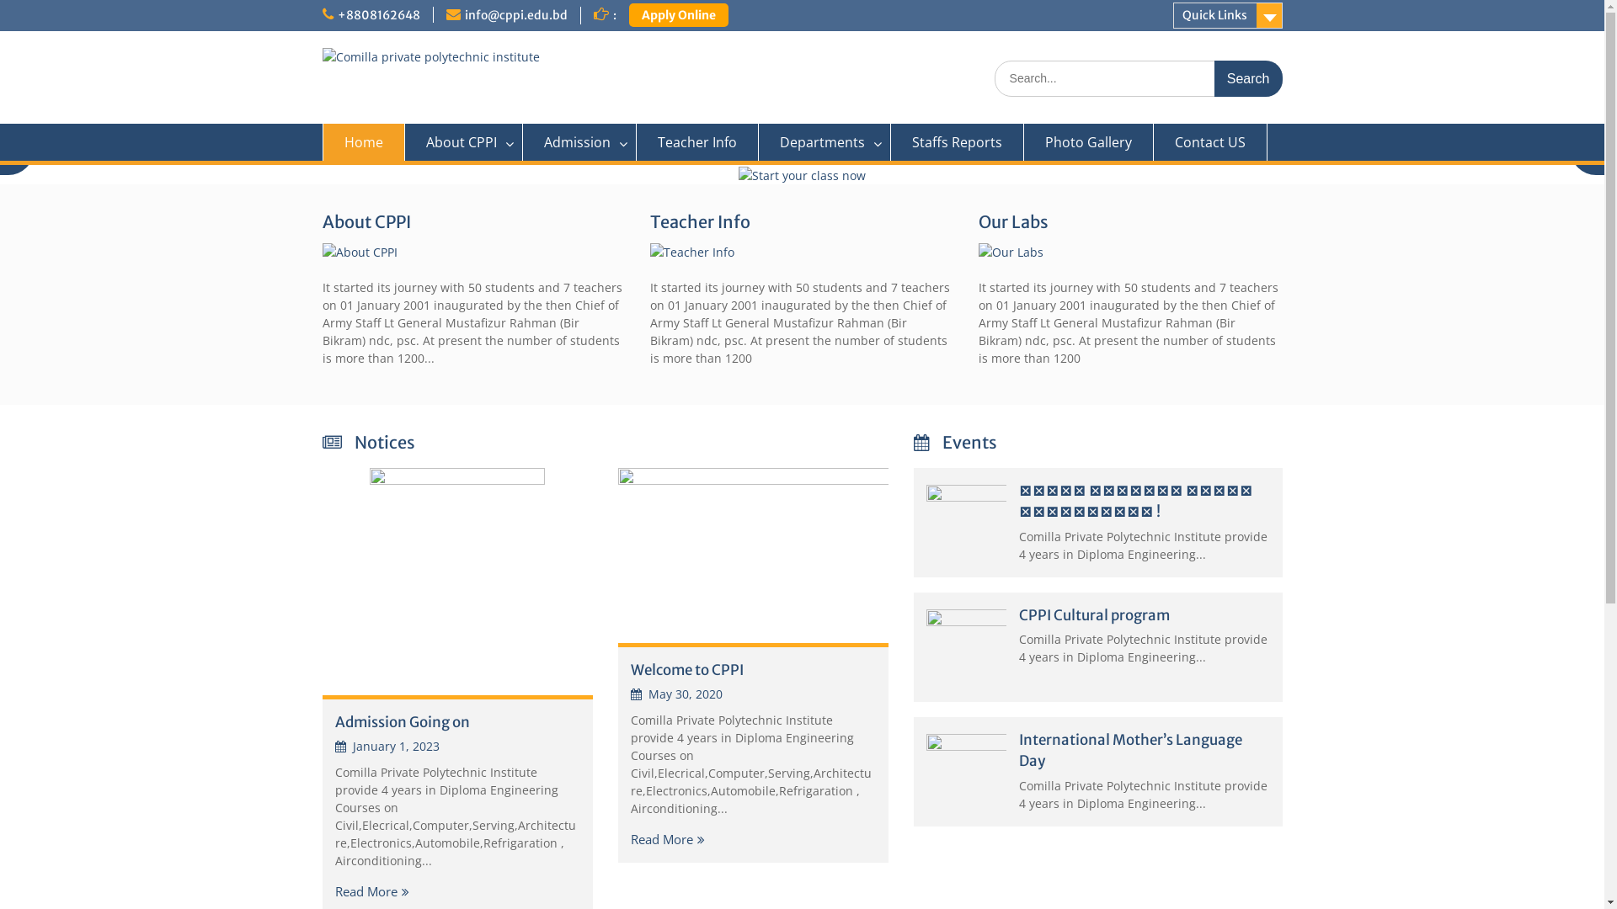 This screenshot has width=1617, height=909. Describe the element at coordinates (824, 141) in the screenshot. I see `'Departments'` at that location.